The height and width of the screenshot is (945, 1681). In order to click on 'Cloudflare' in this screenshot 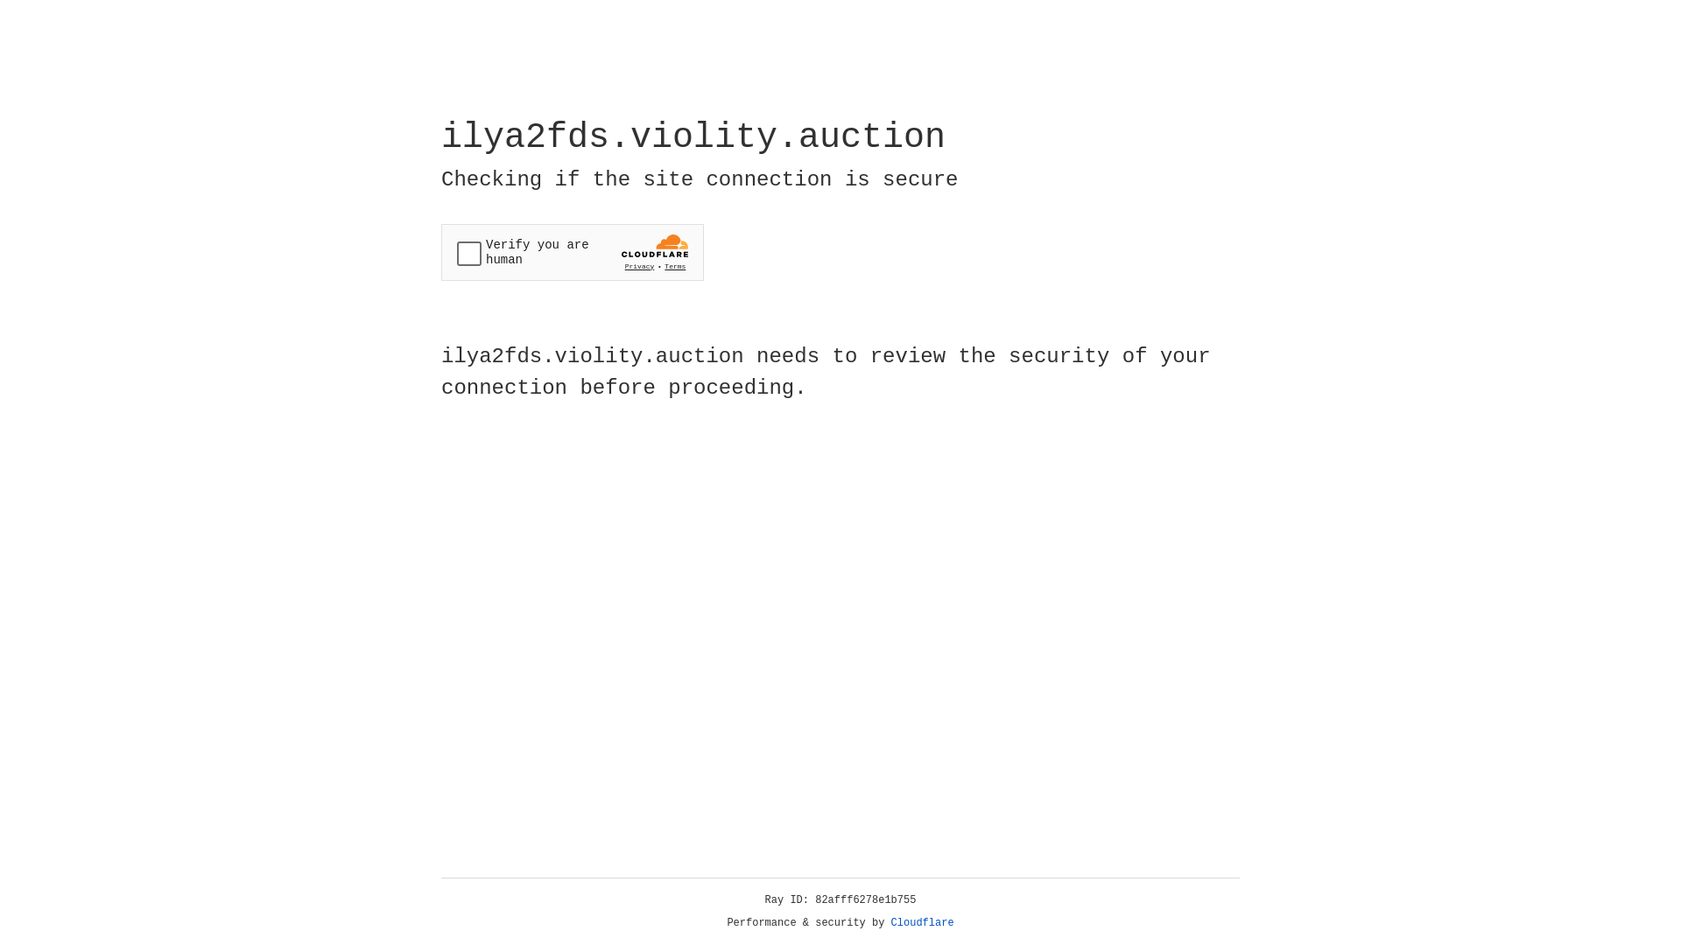, I will do `click(890, 922)`.